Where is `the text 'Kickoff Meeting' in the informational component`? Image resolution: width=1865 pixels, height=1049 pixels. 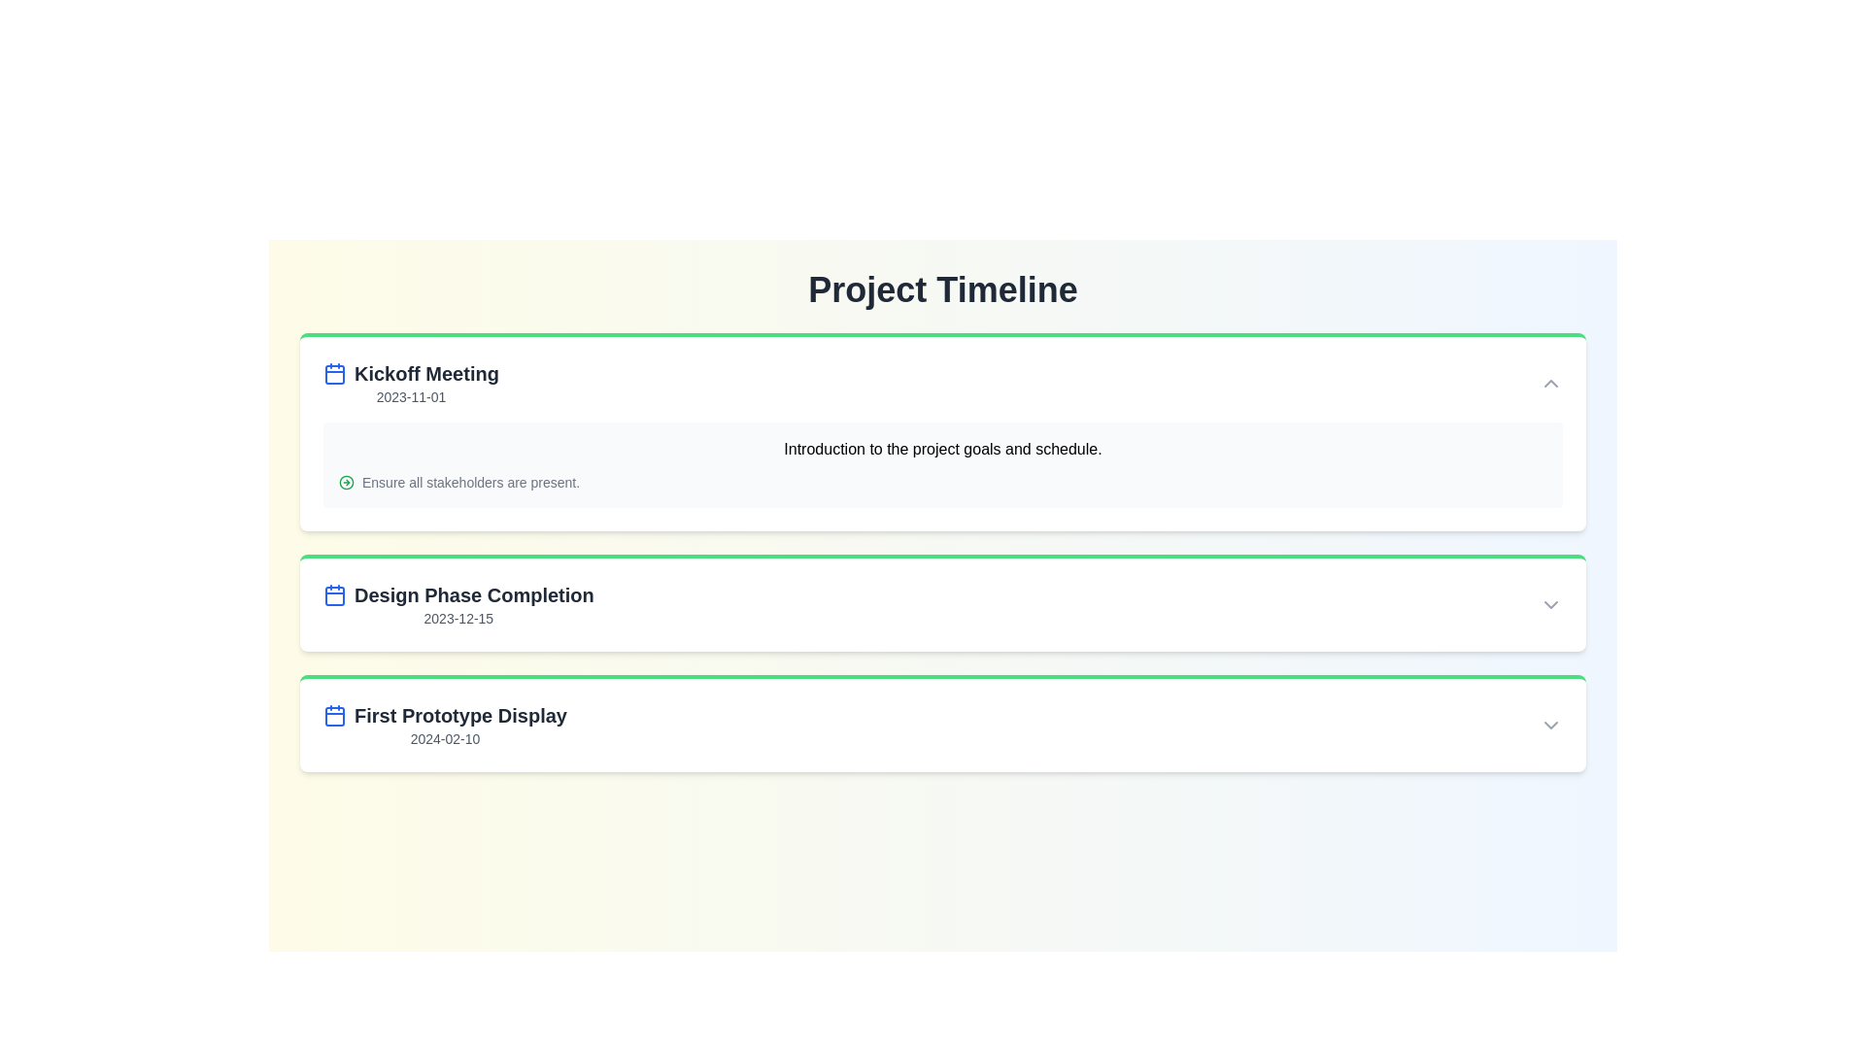 the text 'Kickoff Meeting' in the informational component is located at coordinates (410, 383).